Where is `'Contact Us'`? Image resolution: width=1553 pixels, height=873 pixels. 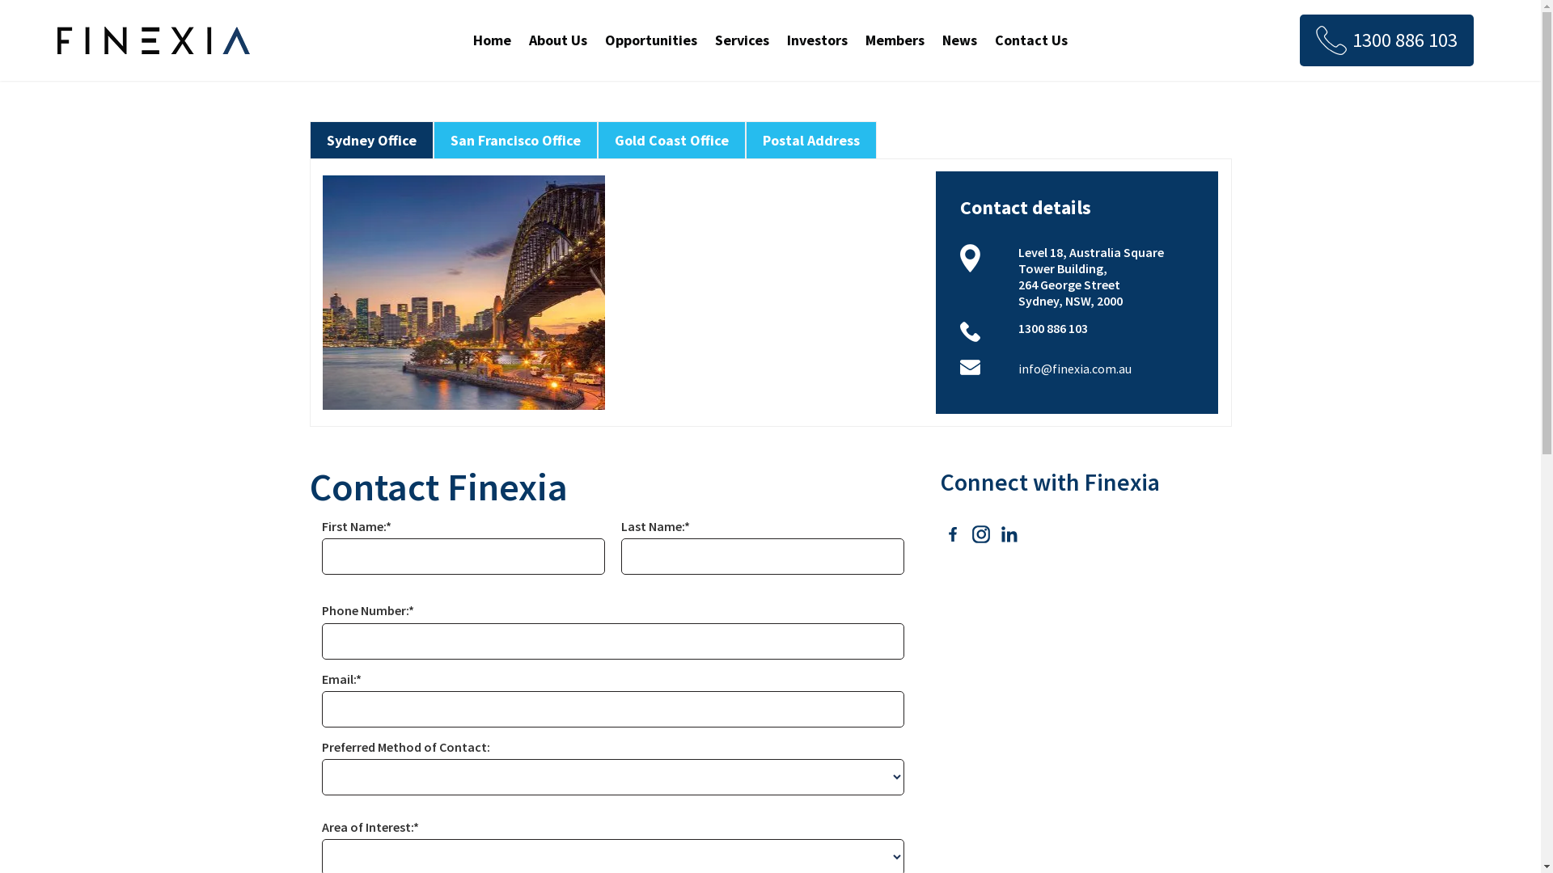 'Contact Us' is located at coordinates (1030, 40).